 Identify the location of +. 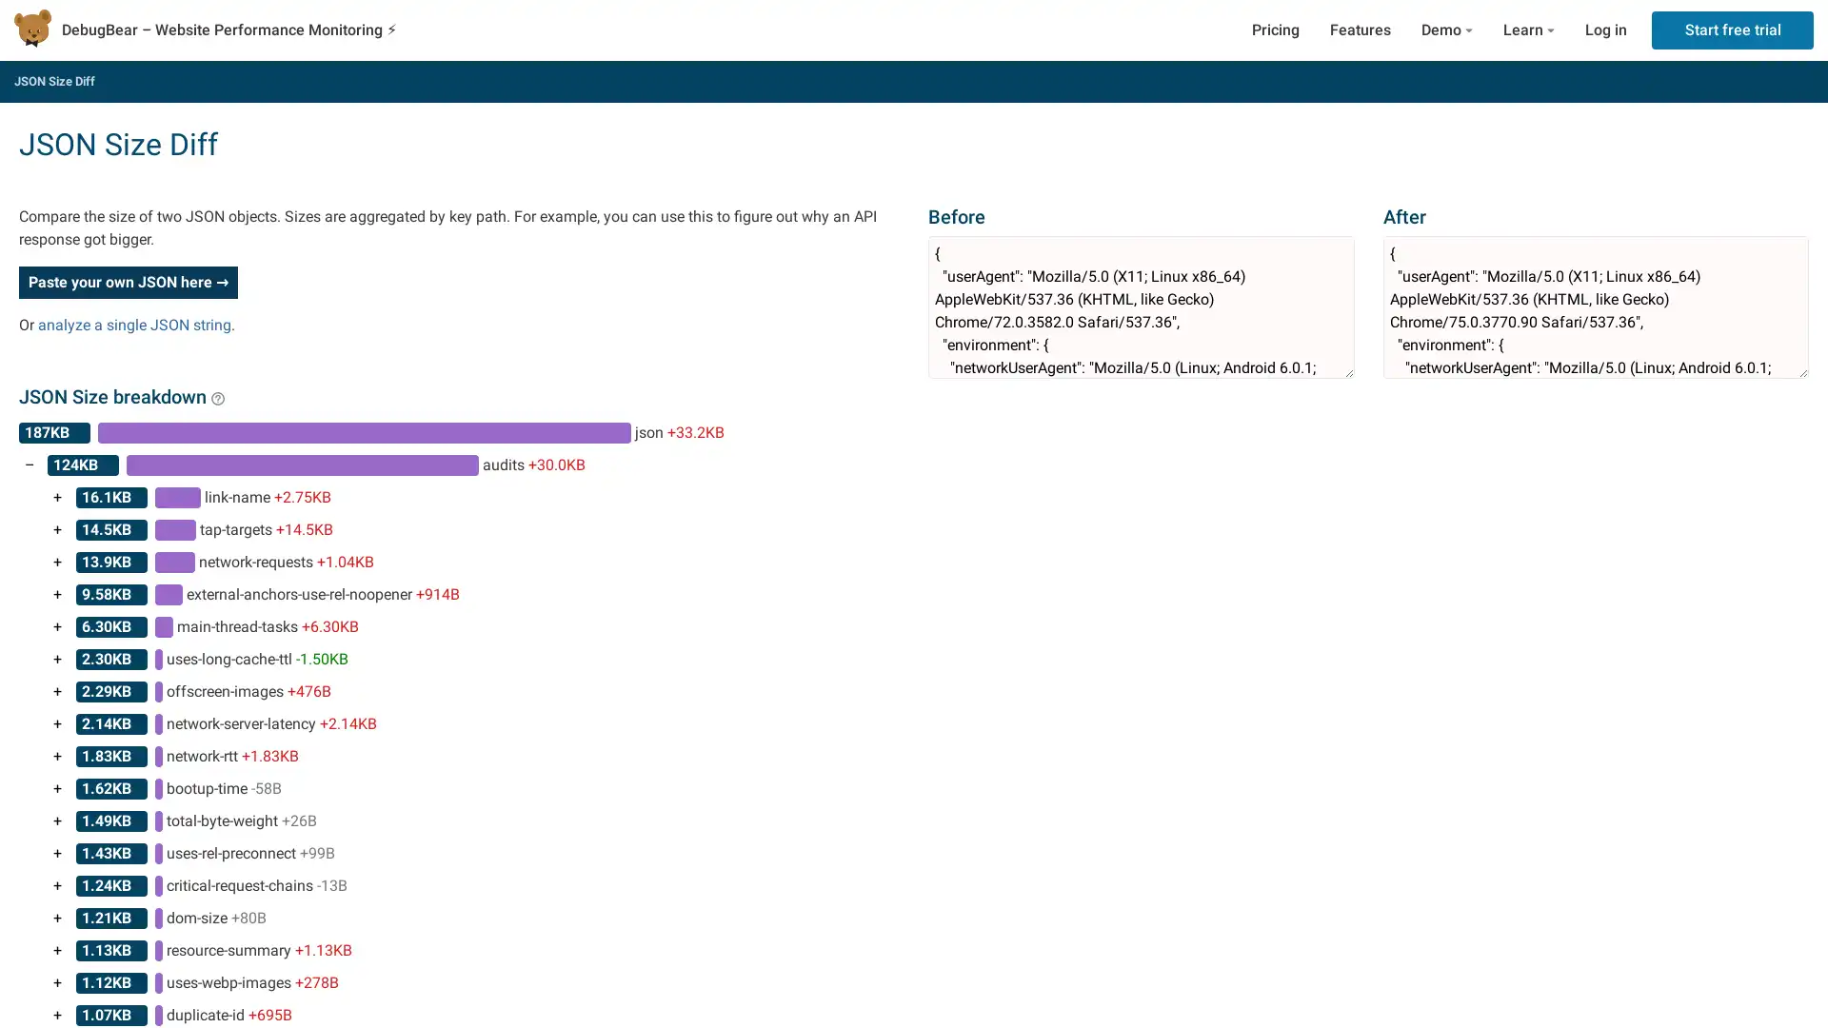
(57, 691).